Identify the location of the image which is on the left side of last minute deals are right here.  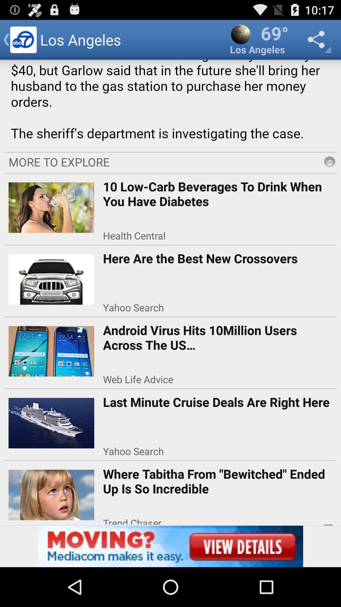
(51, 421).